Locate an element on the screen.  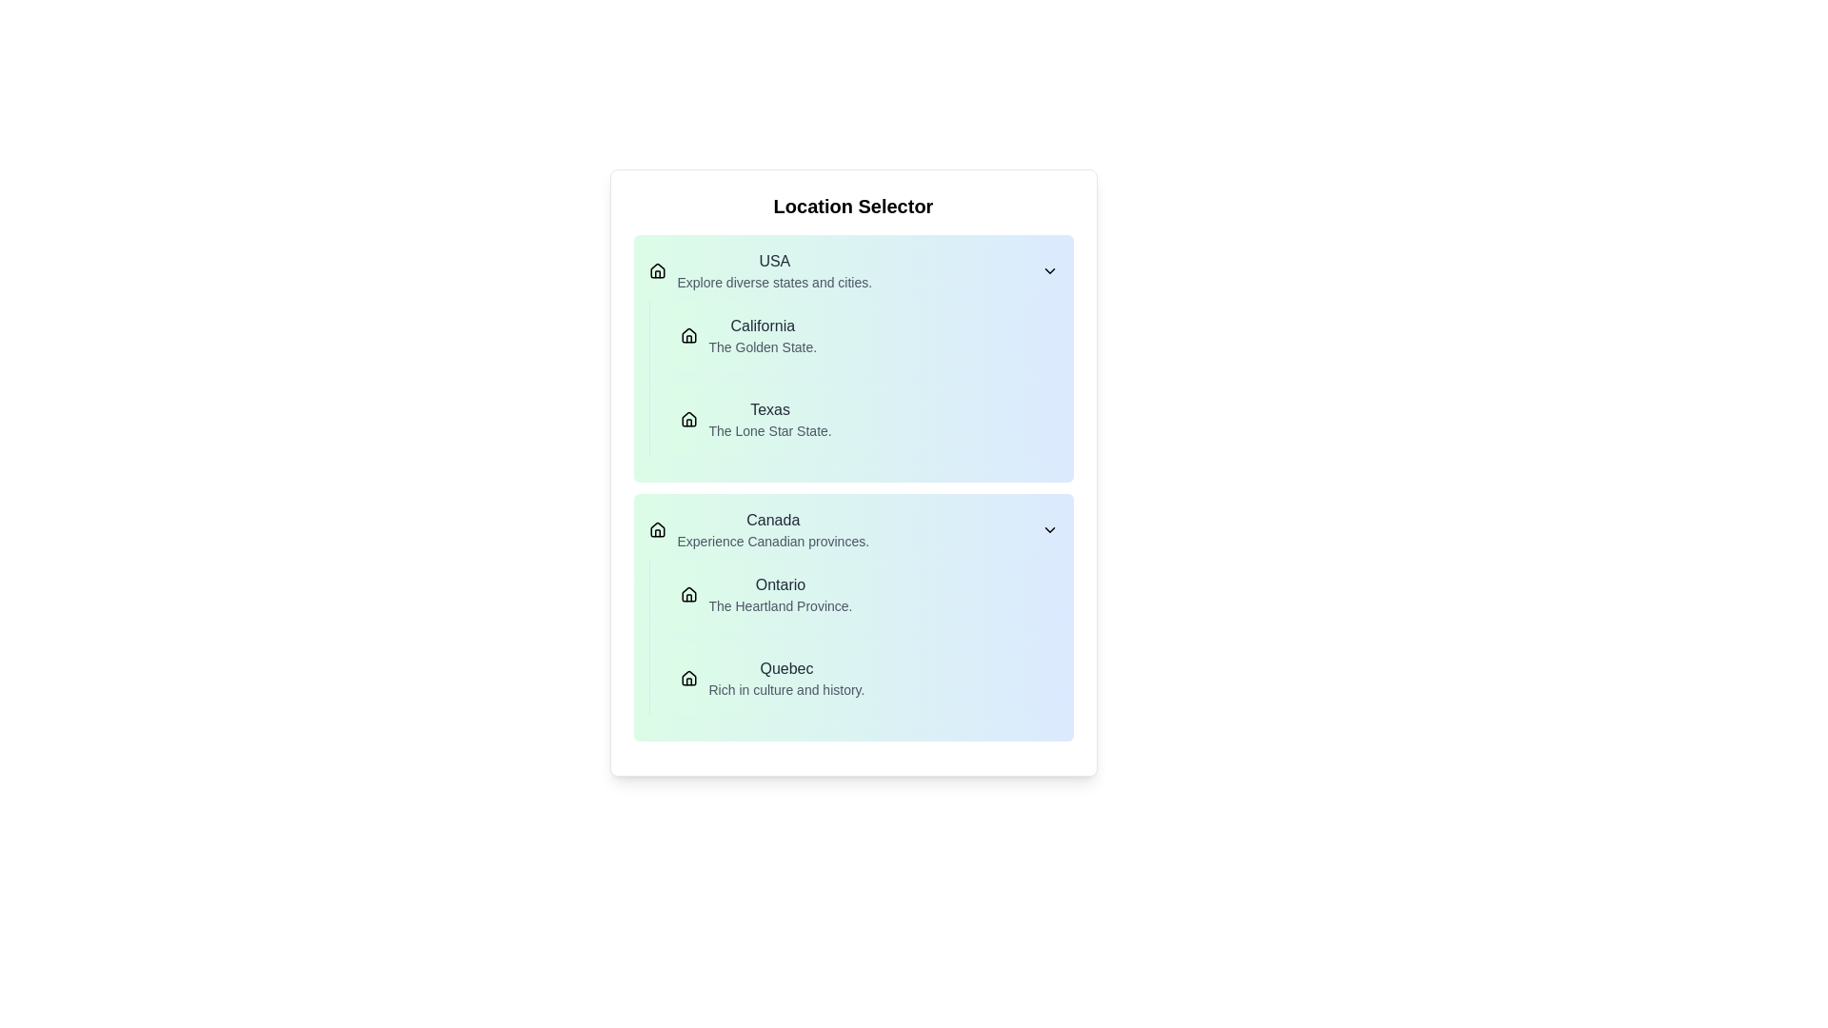
the composite text element containing the title 'Ontario' and the subtitle 'The Heartland Province' located in the dropdown menu under the 'Canada' category is located at coordinates (781, 593).